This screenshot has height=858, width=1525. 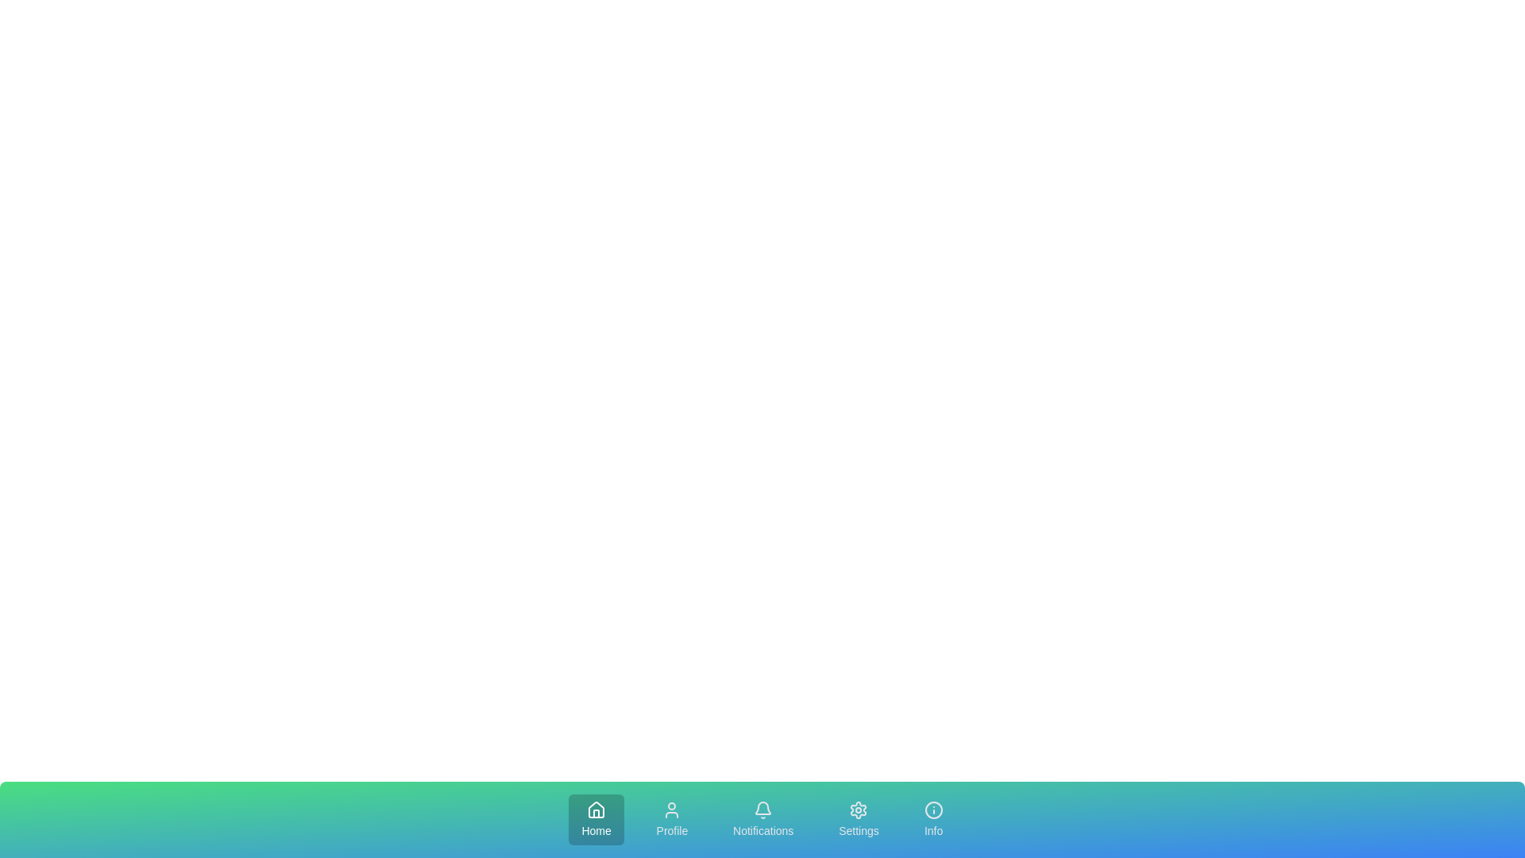 What do you see at coordinates (933, 820) in the screenshot?
I see `the Info tab in the navigation bar` at bounding box center [933, 820].